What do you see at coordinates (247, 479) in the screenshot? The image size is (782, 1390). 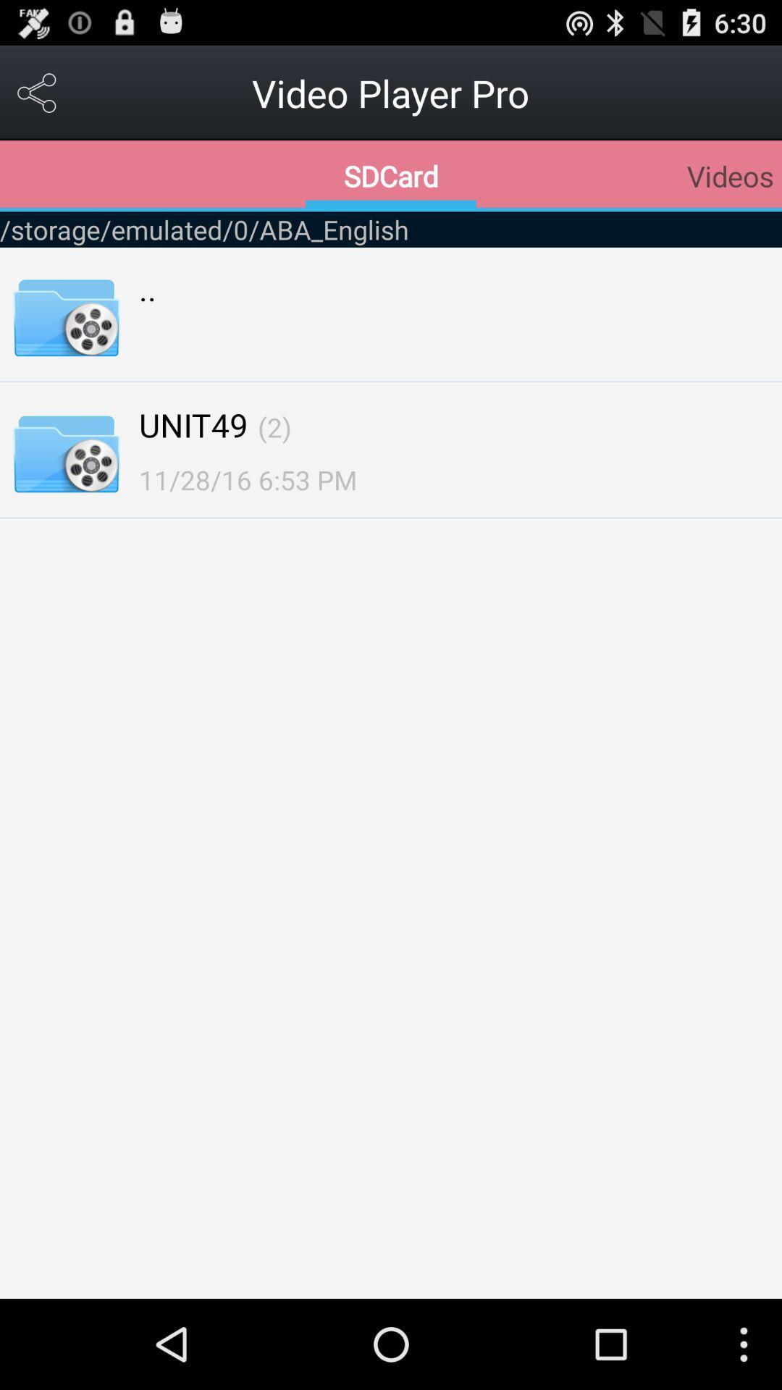 I see `the item on the left` at bounding box center [247, 479].